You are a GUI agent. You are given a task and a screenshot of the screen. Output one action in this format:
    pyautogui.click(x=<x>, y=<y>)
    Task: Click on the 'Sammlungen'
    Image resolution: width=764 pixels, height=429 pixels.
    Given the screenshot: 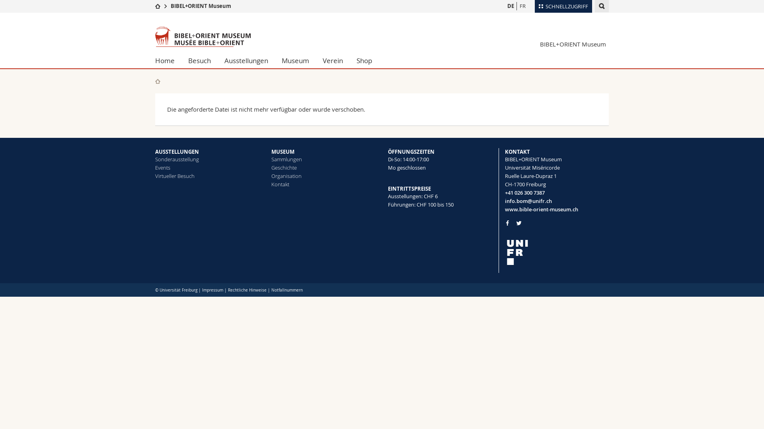 What is the action you would take?
    pyautogui.click(x=286, y=159)
    